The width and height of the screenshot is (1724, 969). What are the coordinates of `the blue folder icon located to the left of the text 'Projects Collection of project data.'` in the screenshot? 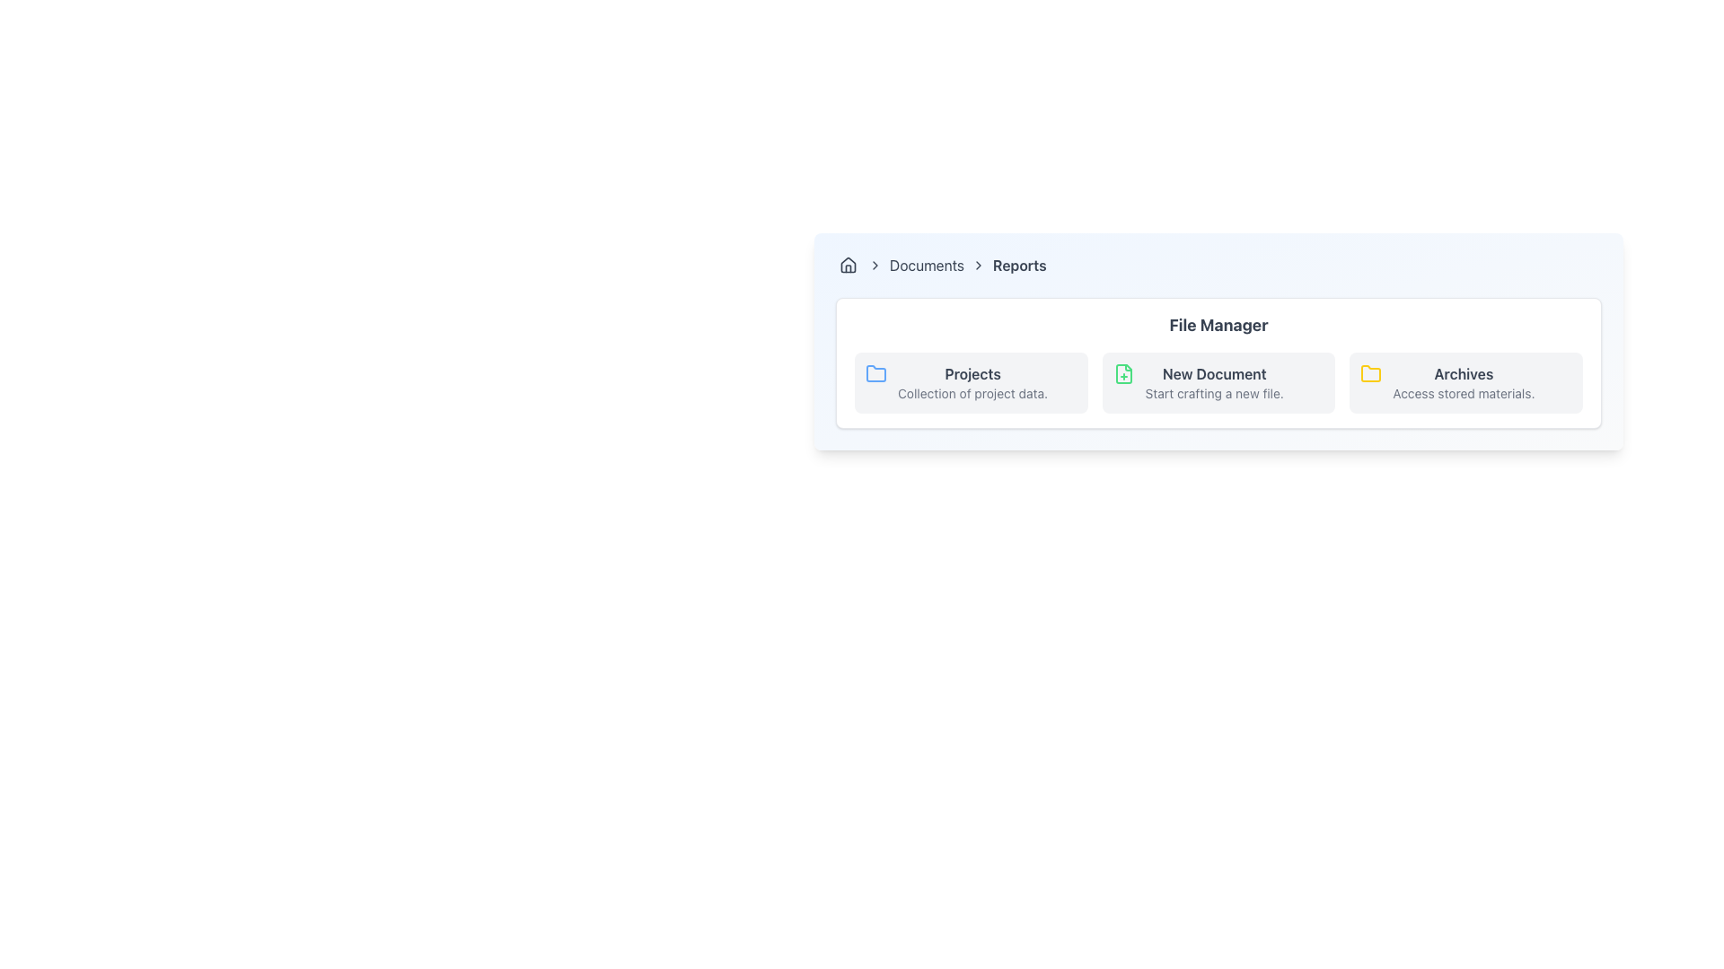 It's located at (875, 372).